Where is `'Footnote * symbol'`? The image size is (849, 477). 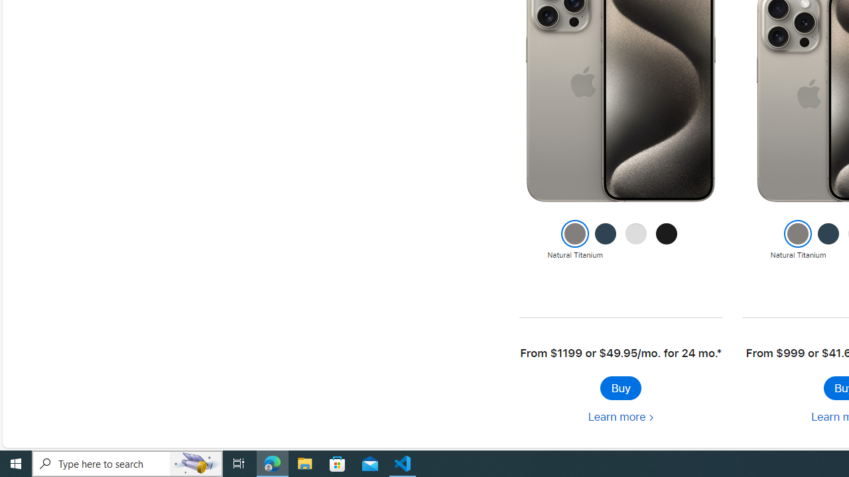 'Footnote * symbol' is located at coordinates (718, 352).